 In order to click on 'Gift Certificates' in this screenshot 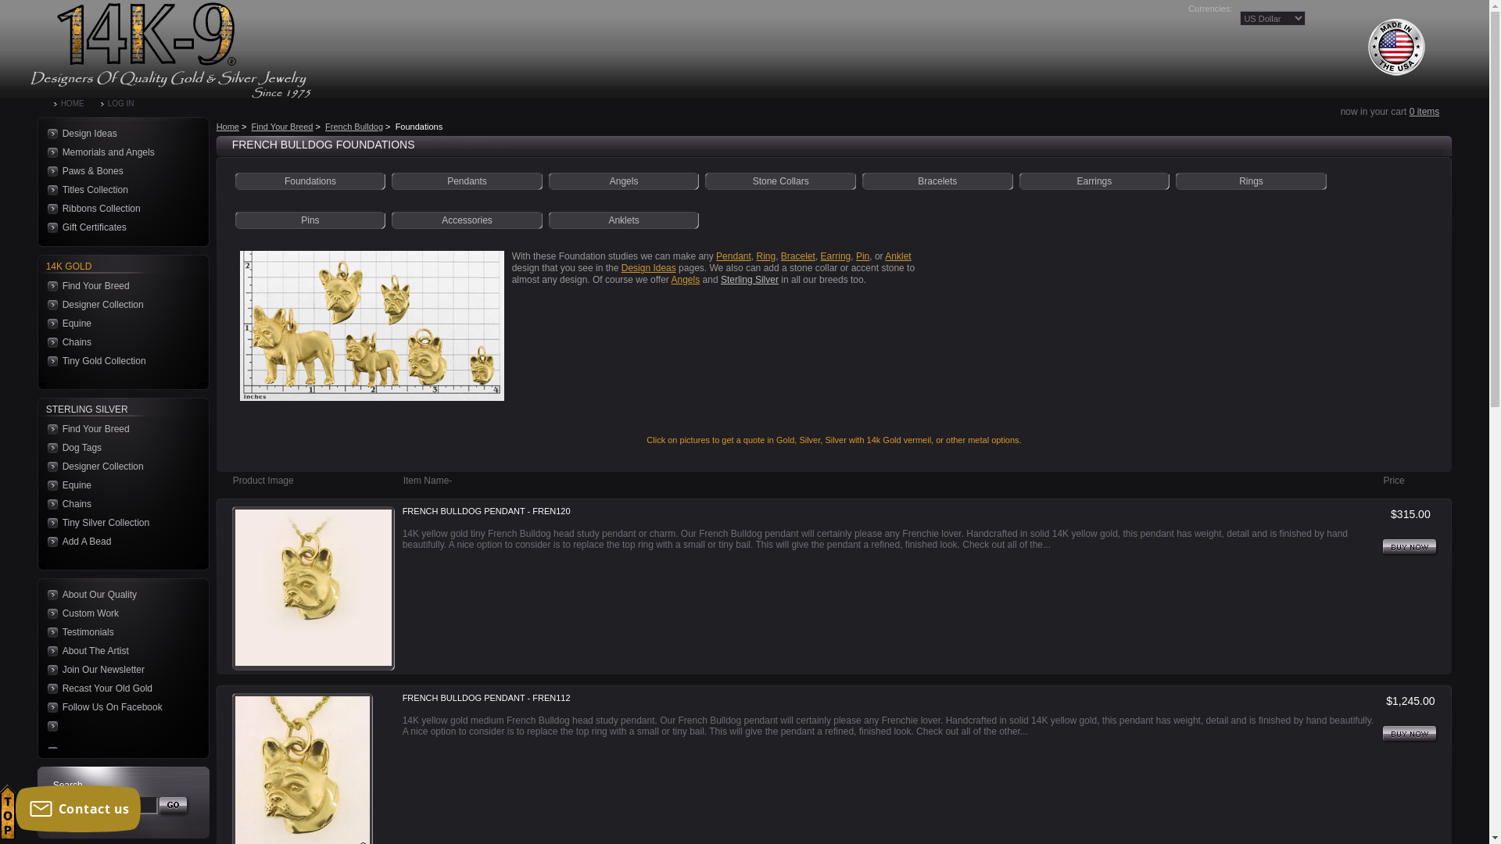, I will do `click(118, 227)`.